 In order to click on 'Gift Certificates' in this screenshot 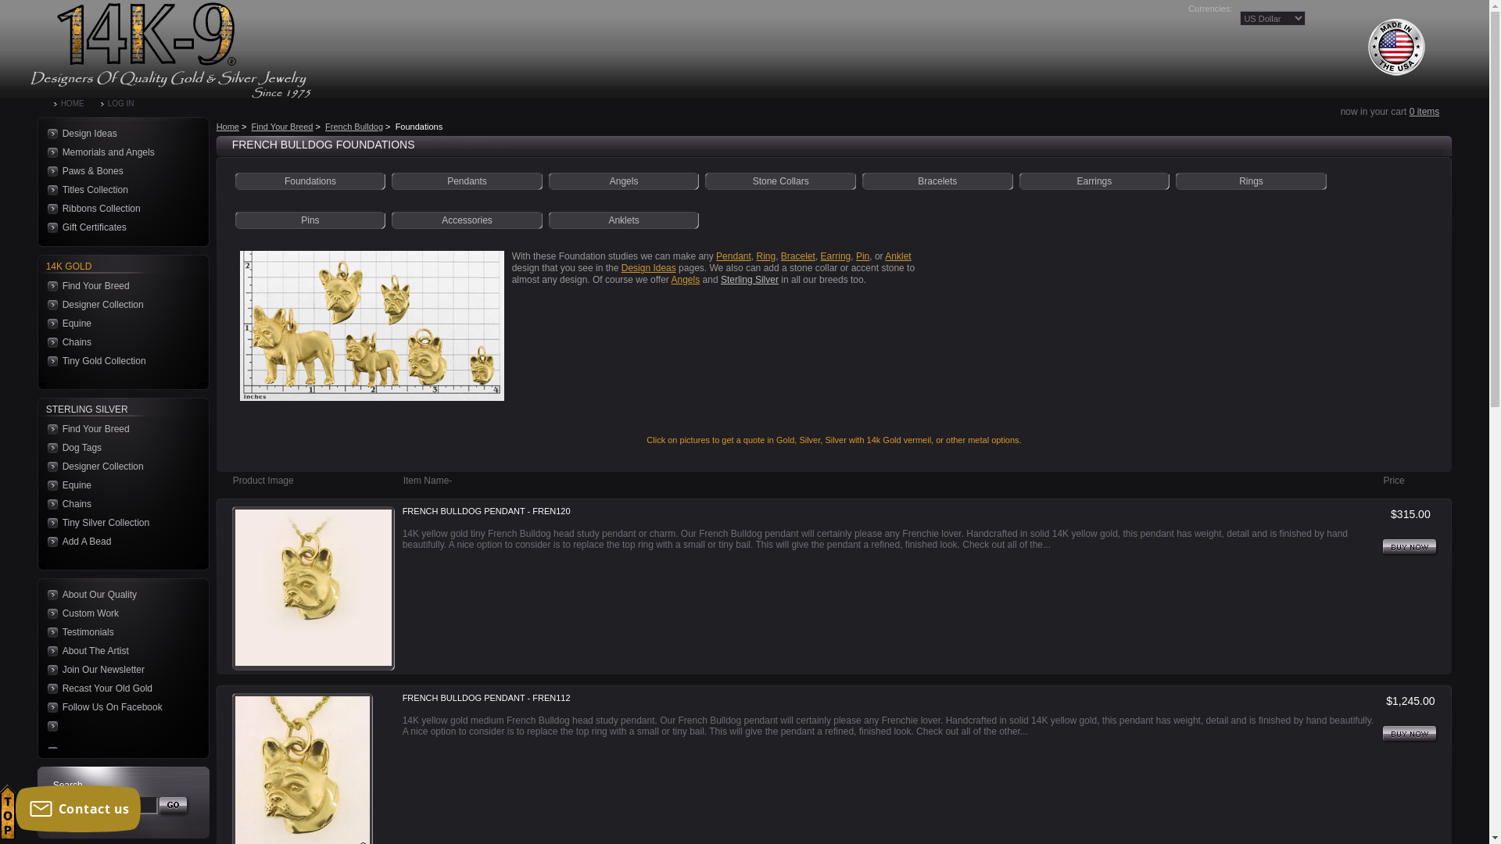, I will do `click(118, 227)`.